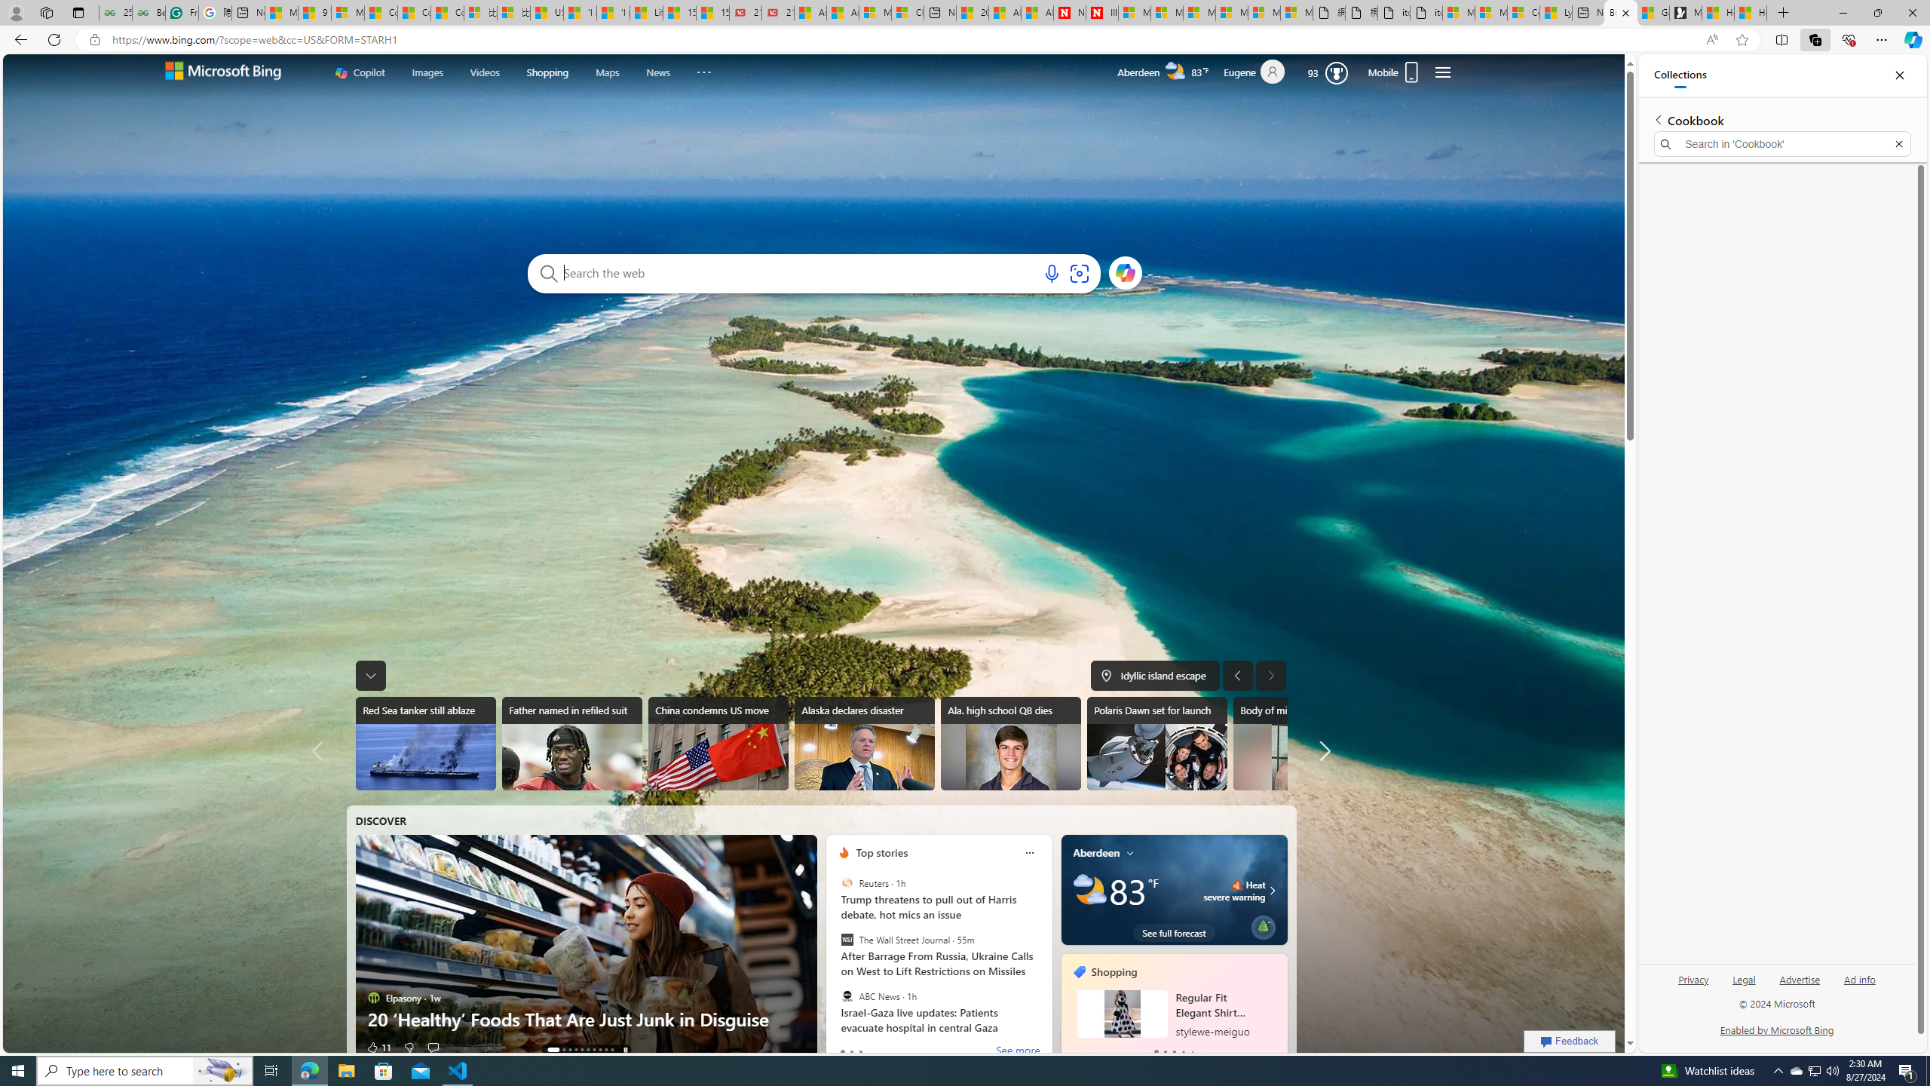  What do you see at coordinates (1096, 852) in the screenshot?
I see `'Aberdeen'` at bounding box center [1096, 852].